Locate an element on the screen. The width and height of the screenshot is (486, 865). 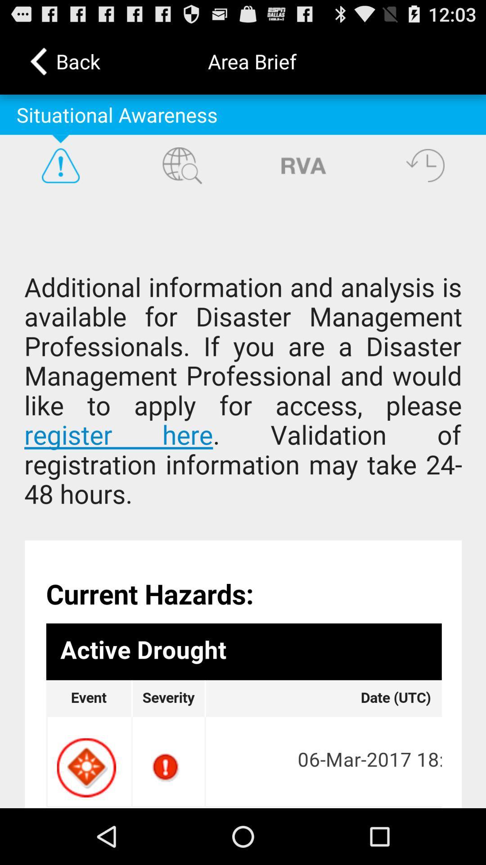
time button is located at coordinates (425, 165).